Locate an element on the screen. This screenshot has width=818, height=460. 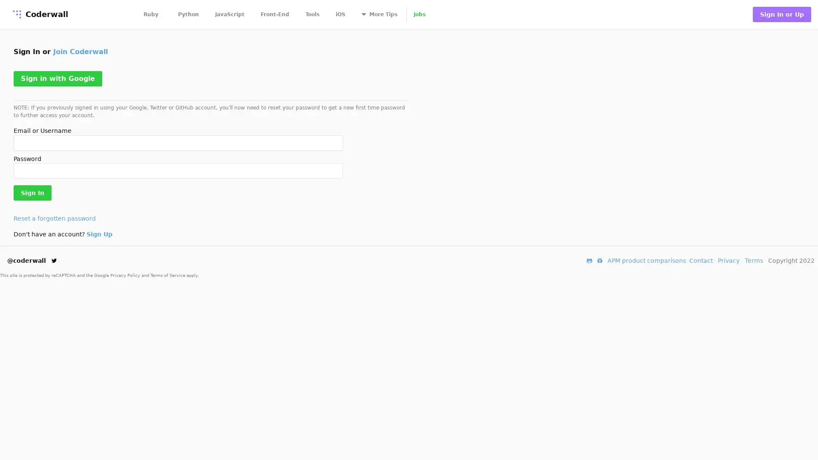
Sign In is located at coordinates (32, 193).